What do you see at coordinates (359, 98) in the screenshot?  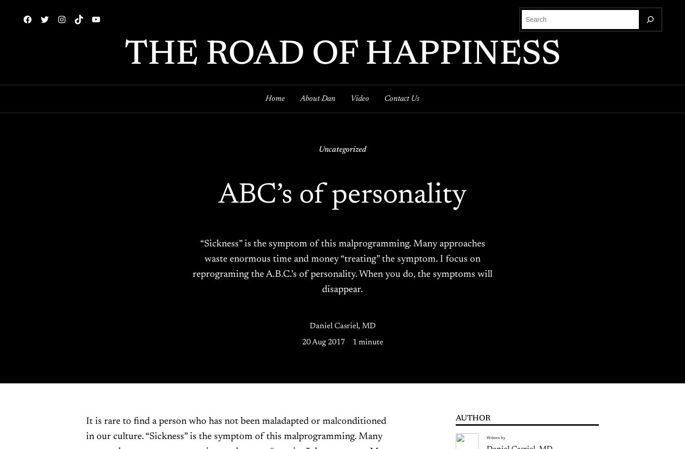 I see `'Video'` at bounding box center [359, 98].